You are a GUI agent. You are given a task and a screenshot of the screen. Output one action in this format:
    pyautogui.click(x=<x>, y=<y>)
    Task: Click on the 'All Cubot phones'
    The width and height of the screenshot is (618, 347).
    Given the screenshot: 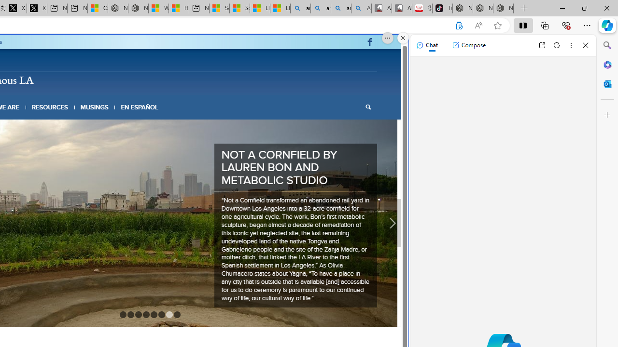 What is the action you would take?
    pyautogui.click(x=402, y=8)
    